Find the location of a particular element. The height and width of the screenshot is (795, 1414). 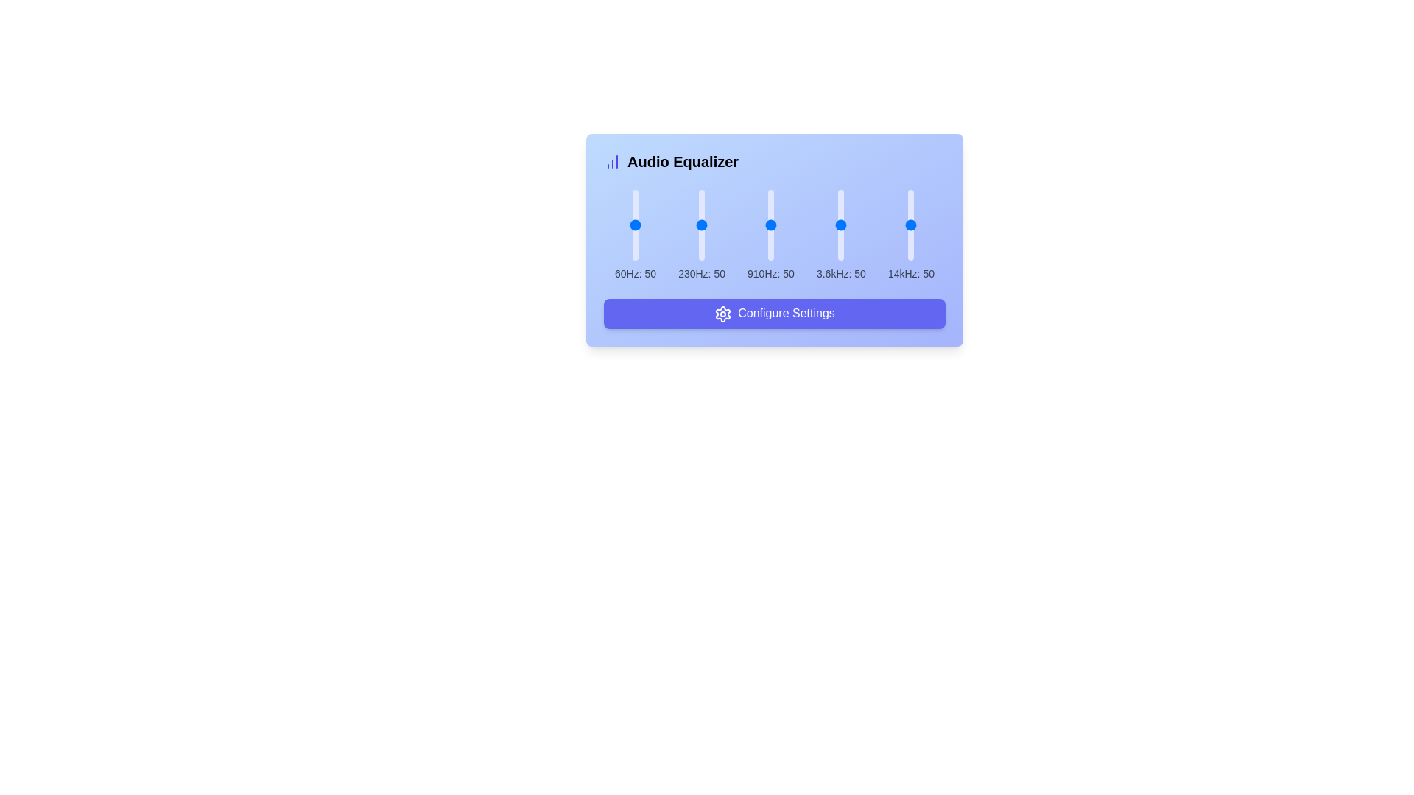

the 910Hz slider is located at coordinates (770, 255).